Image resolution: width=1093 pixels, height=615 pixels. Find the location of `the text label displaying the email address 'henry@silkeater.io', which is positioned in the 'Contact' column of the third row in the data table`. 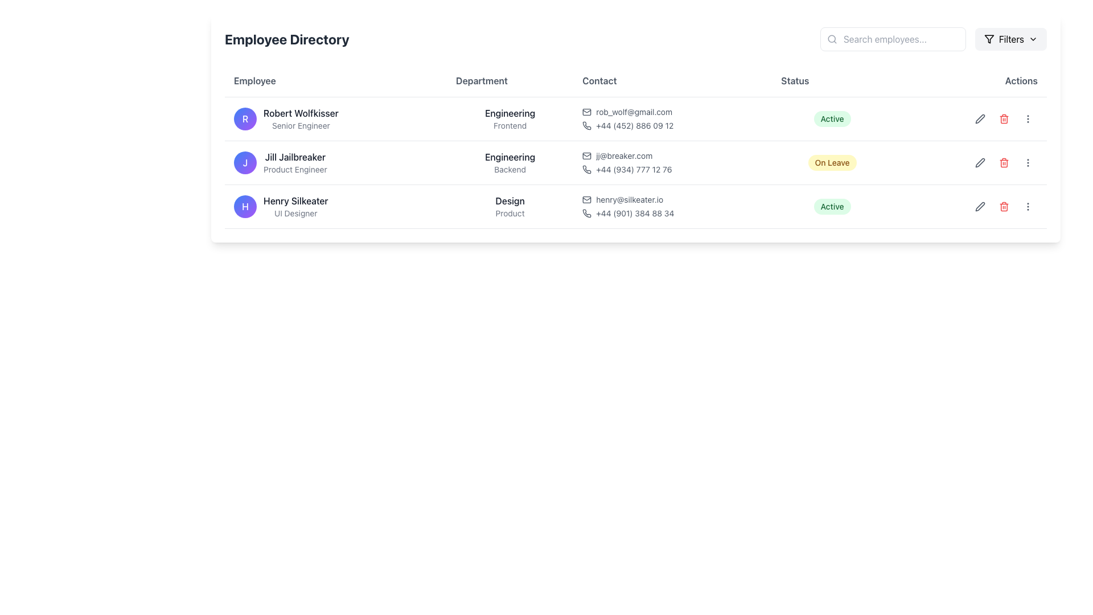

the text label displaying the email address 'henry@silkeater.io', which is positioned in the 'Contact' column of the third row in the data table is located at coordinates (629, 199).